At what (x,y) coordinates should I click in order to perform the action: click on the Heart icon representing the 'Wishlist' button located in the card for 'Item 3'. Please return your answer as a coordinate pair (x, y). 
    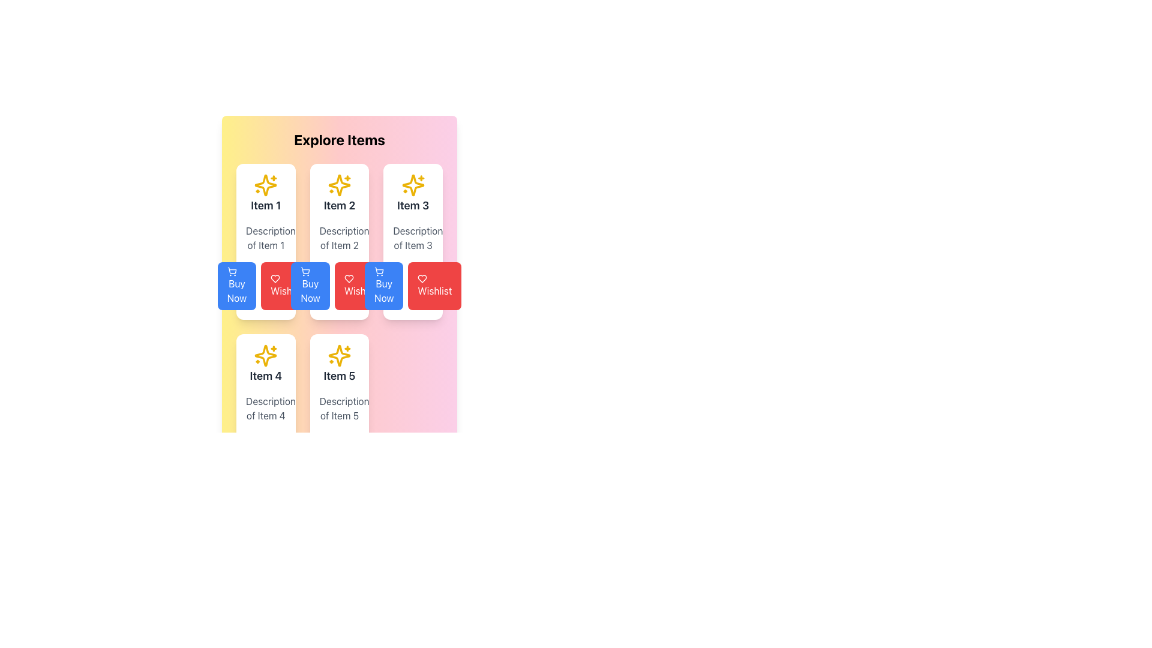
    Looking at the image, I should click on (348, 279).